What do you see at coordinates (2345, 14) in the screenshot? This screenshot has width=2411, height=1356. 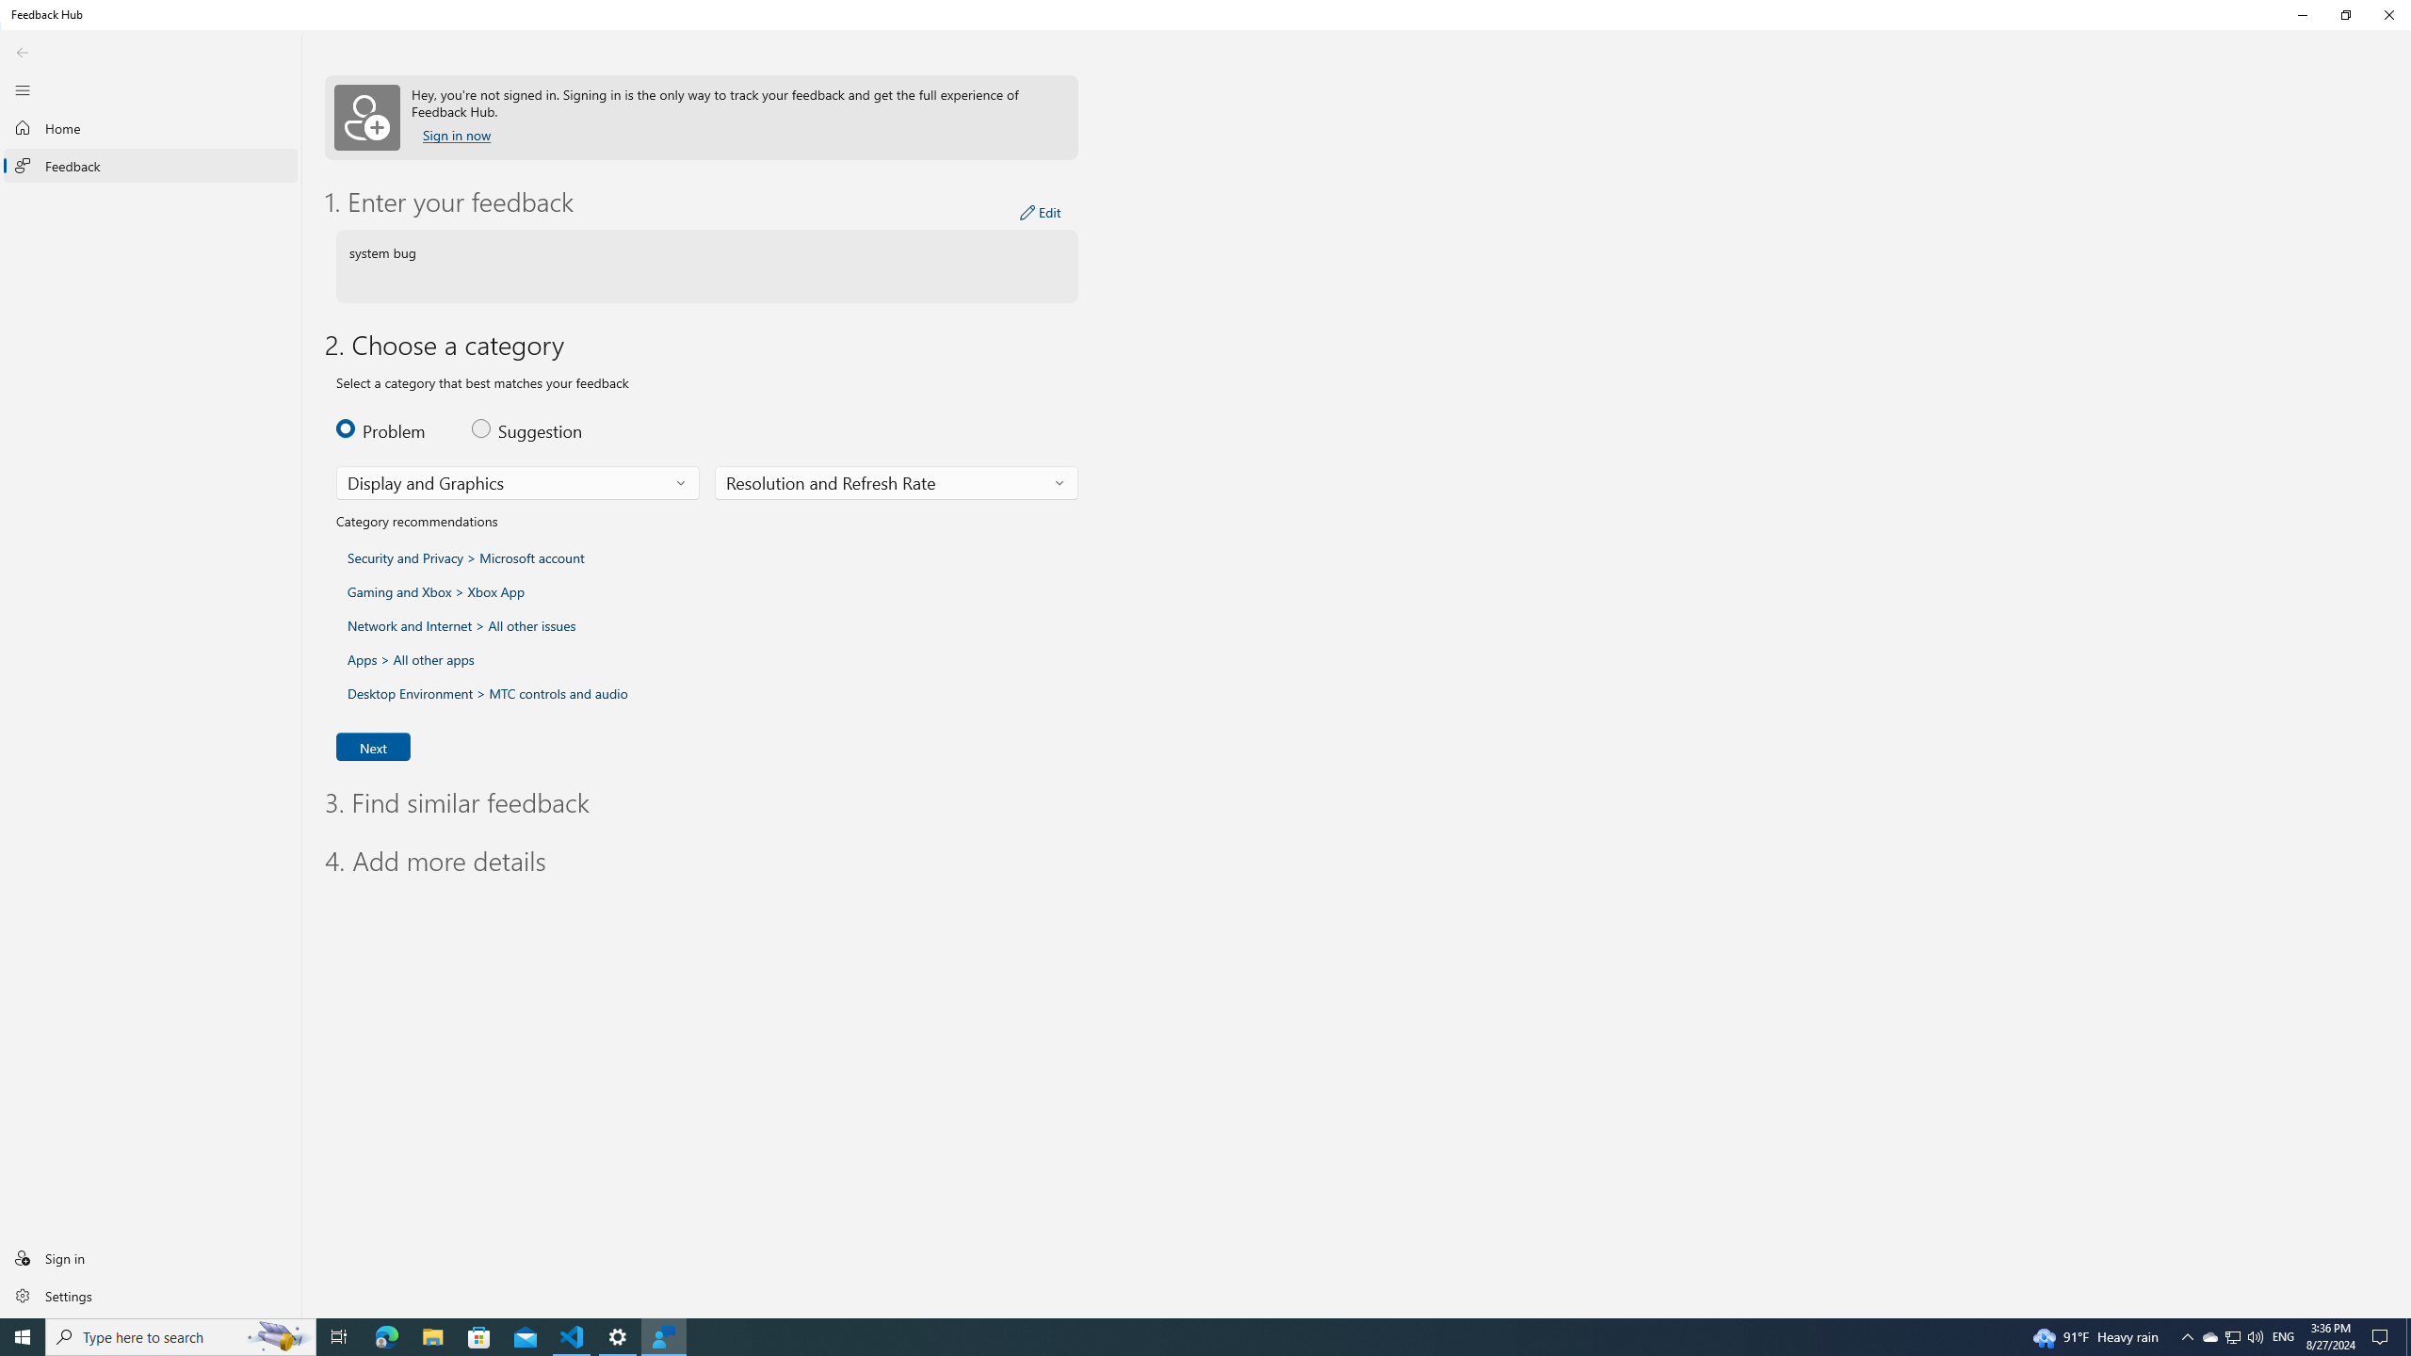 I see `'Restore Feedback Hub'` at bounding box center [2345, 14].